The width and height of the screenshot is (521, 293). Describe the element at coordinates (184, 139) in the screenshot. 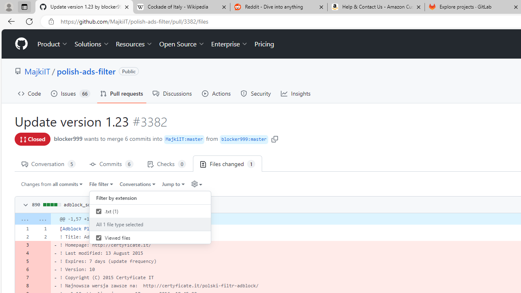

I see `'MajkiIT : master'` at that location.